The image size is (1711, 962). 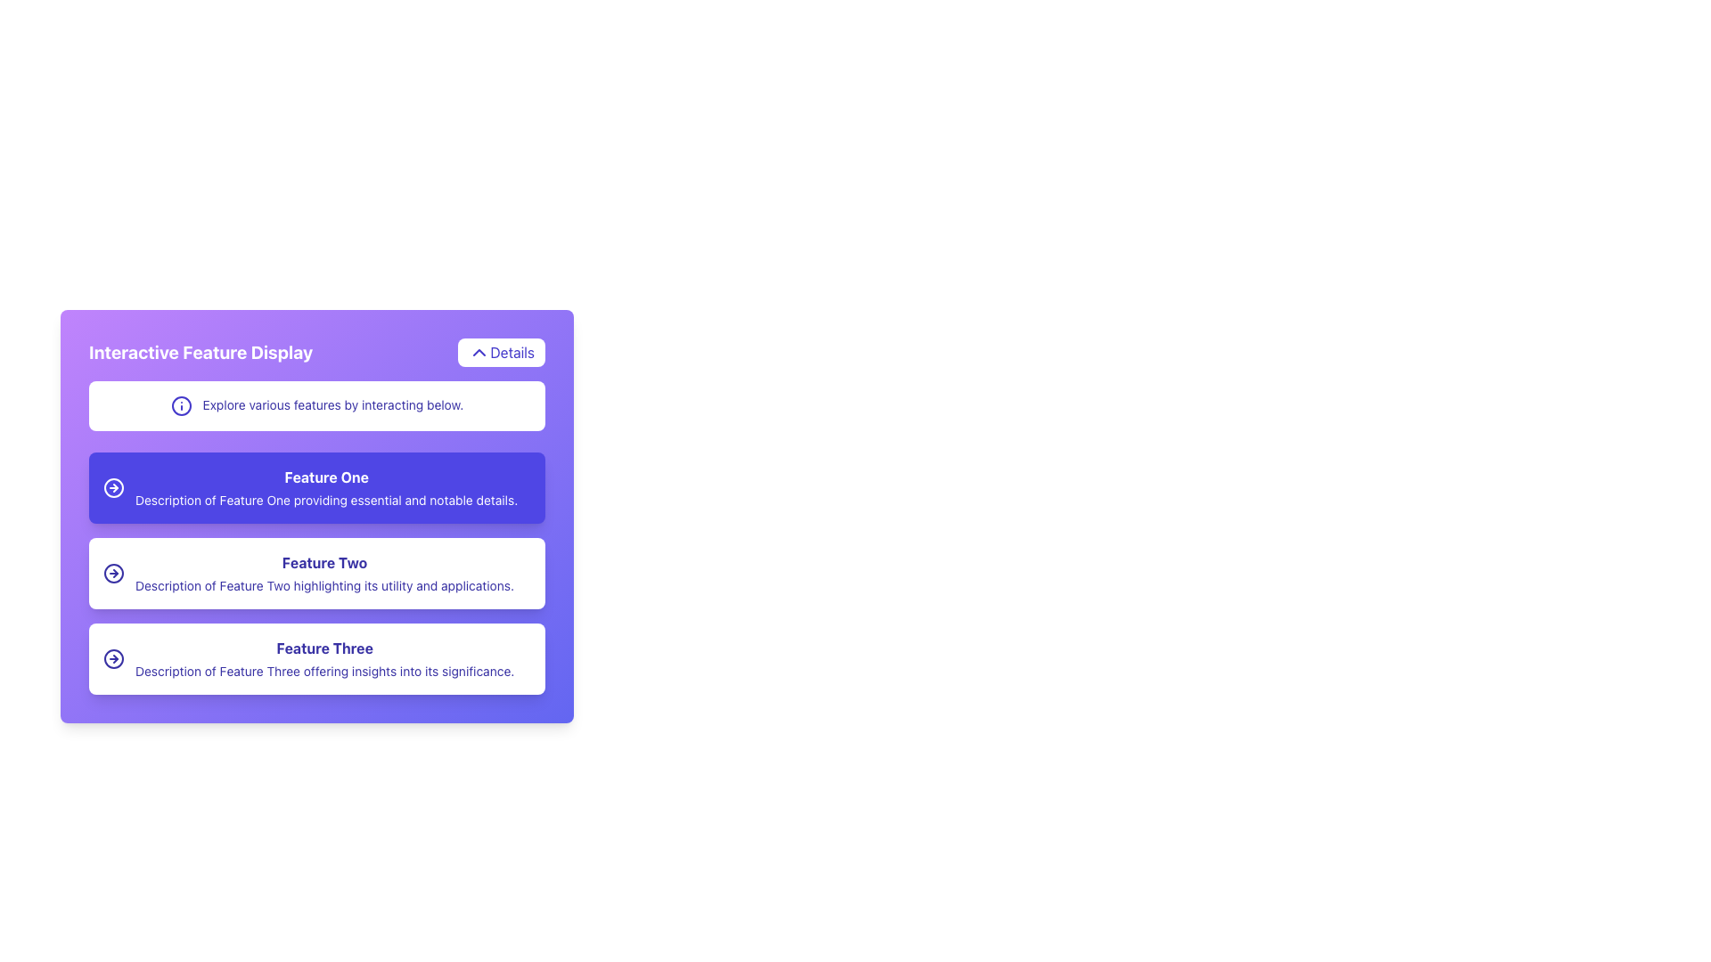 I want to click on the feature description card for 'Feature Two' located within the 'Interactive Feature Display', so click(x=316, y=574).